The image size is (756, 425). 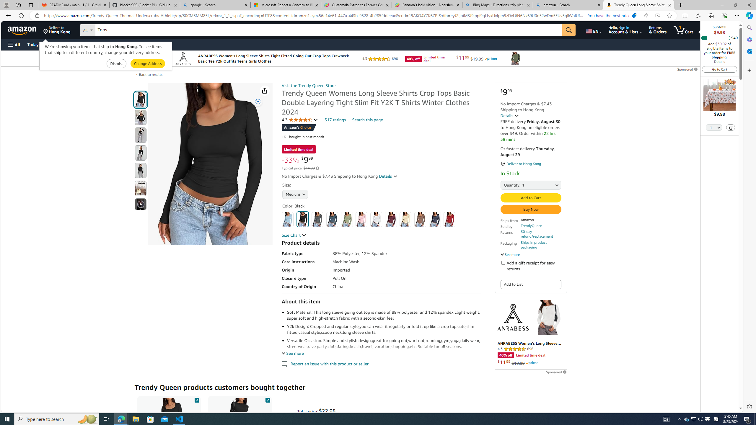 What do you see at coordinates (531, 332) in the screenshot?
I see `'Sponsored ad'` at bounding box center [531, 332].